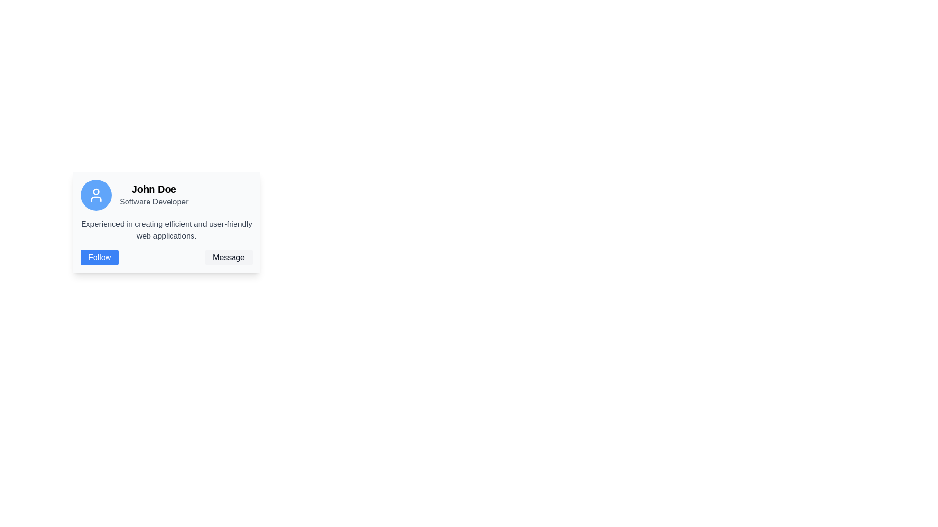  Describe the element at coordinates (96, 192) in the screenshot. I see `the circular SVG icon located within the profile picture of 'John Doe'` at that location.